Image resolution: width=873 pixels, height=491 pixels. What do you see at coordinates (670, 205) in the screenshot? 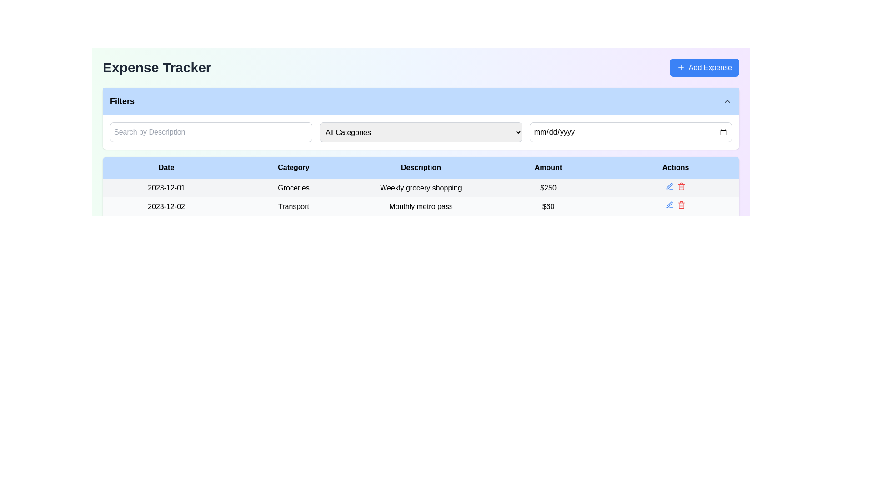
I see `the icon button located in the 'Actions' column of the second row in the table` at bounding box center [670, 205].